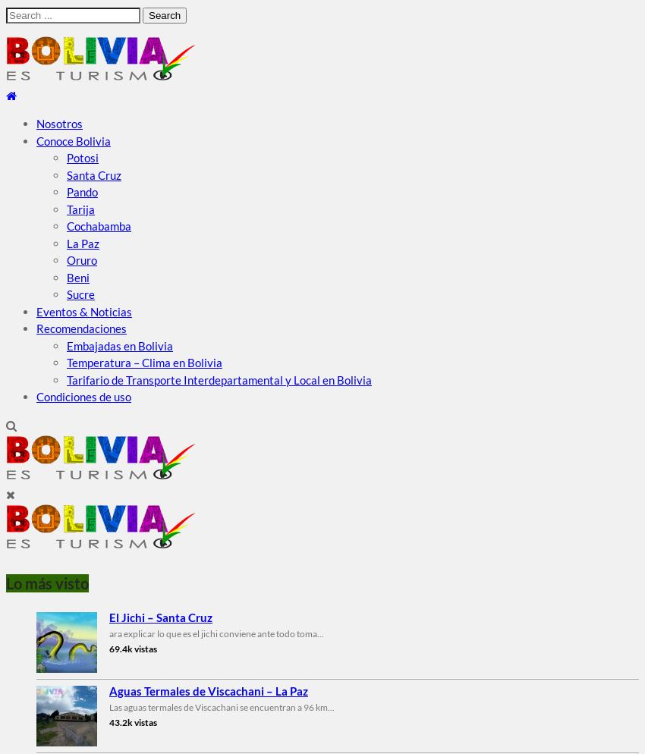  Describe the element at coordinates (81, 259) in the screenshot. I see `'Oruro'` at that location.